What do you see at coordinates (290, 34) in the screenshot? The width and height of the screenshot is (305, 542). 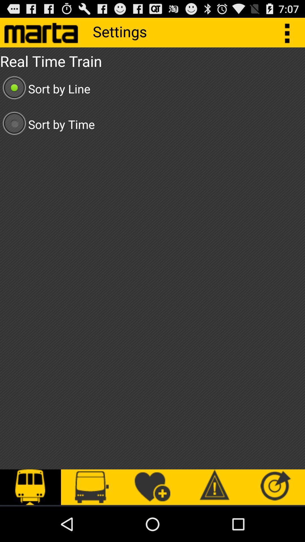 I see `the more icon` at bounding box center [290, 34].